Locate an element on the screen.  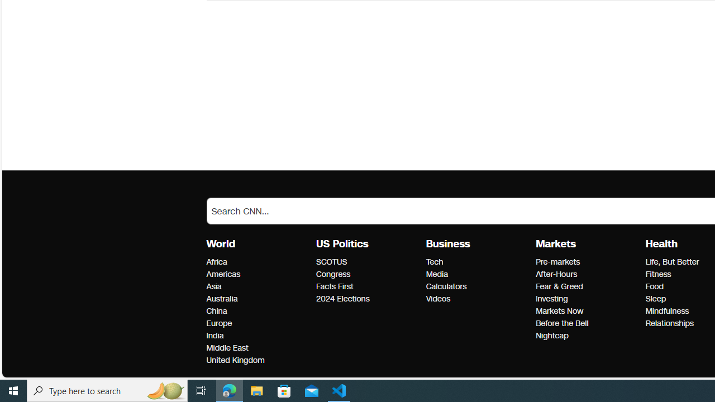
'US Politics' is located at coordinates (342, 243).